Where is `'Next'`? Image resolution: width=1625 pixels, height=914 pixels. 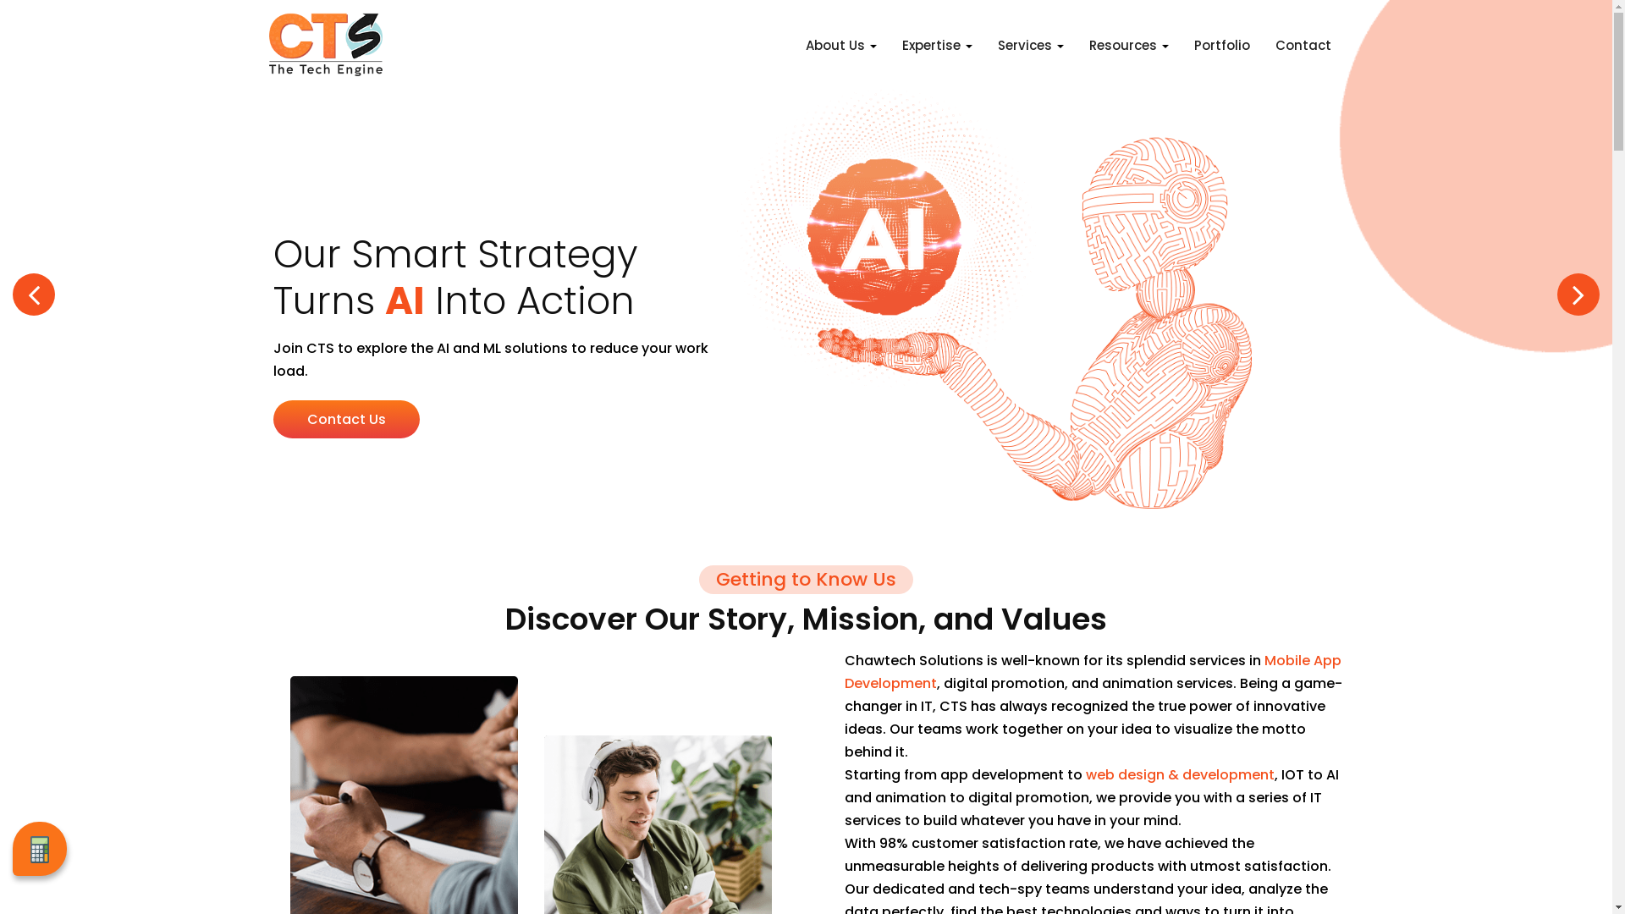 'Next' is located at coordinates (1578, 293).